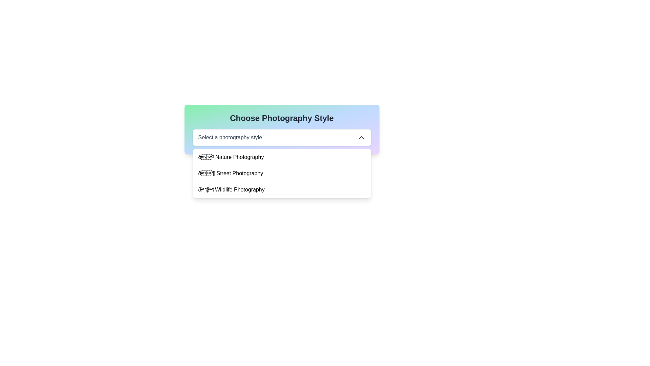 This screenshot has width=650, height=366. Describe the element at coordinates (282, 157) in the screenshot. I see `the first item in the dropdown list labeled 'Nature Photography'` at that location.